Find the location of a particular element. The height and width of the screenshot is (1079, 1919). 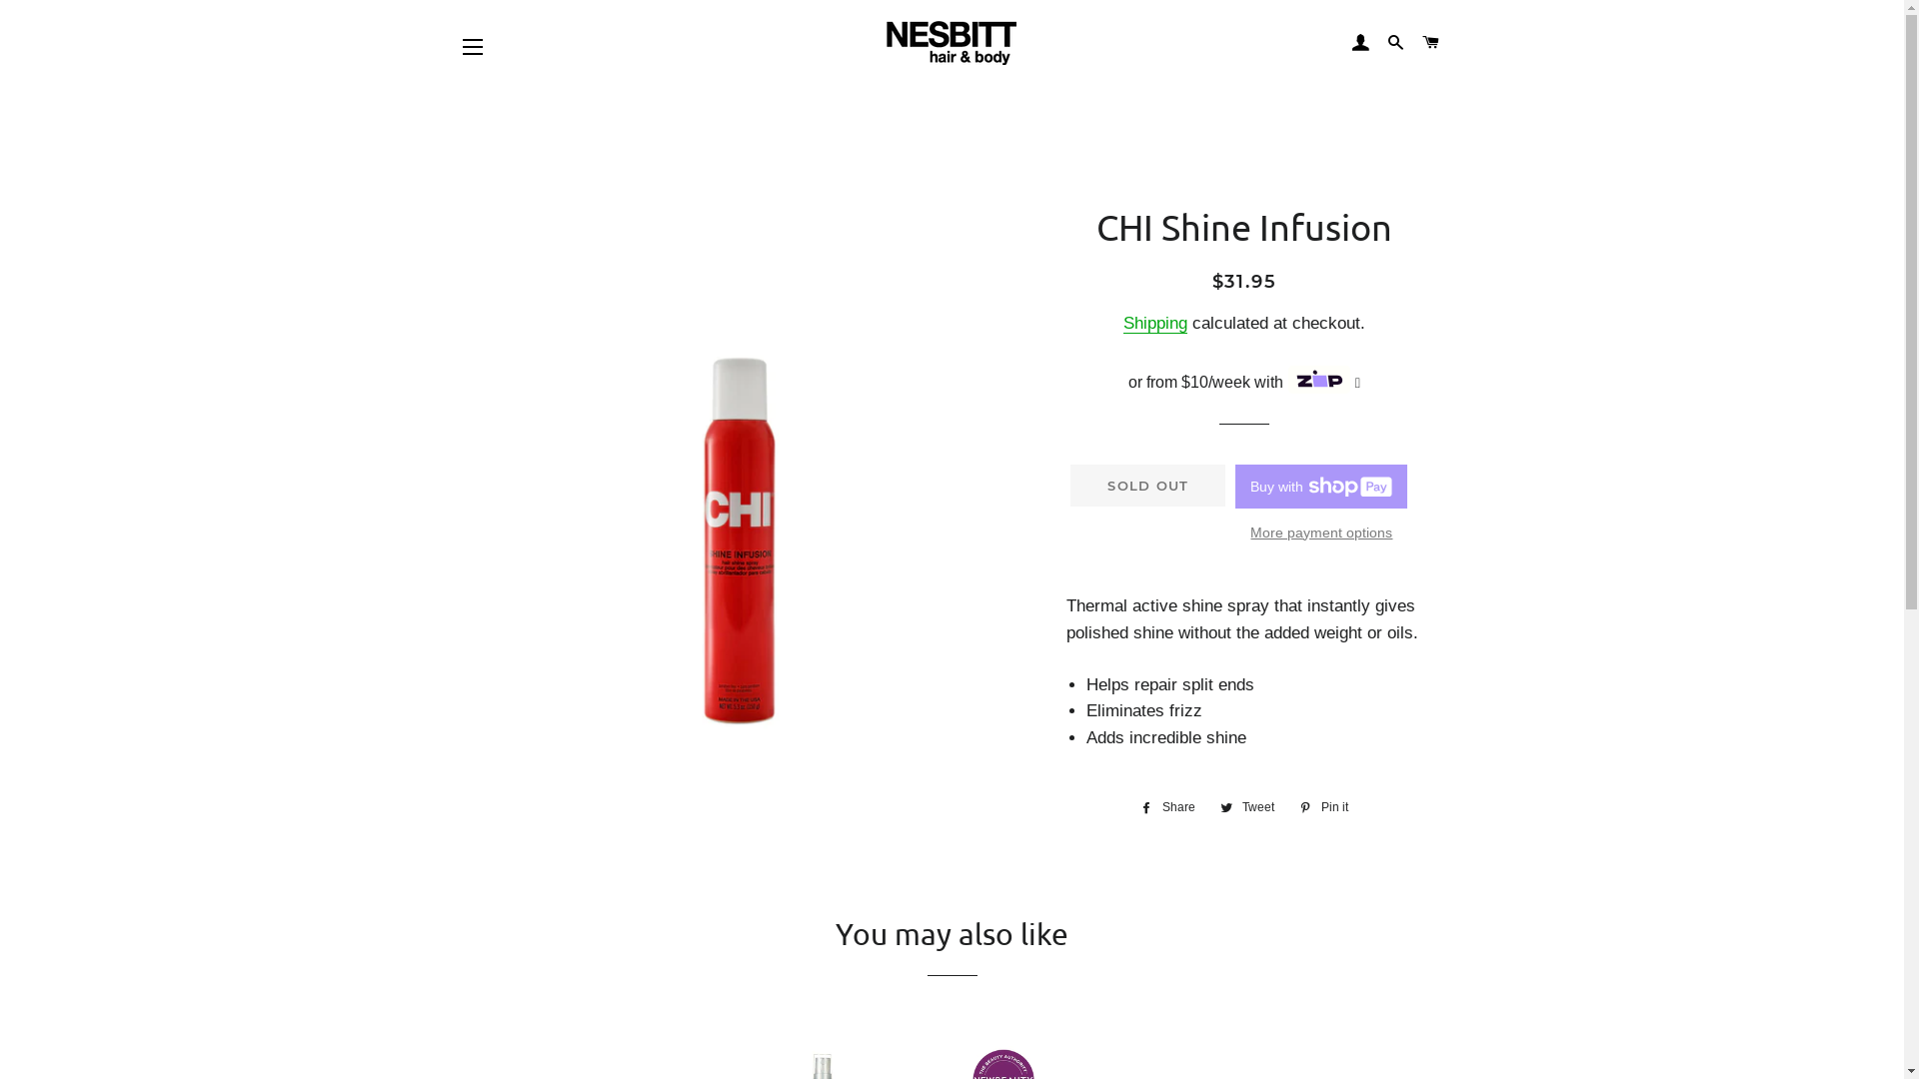

'More payment options' is located at coordinates (1320, 531).